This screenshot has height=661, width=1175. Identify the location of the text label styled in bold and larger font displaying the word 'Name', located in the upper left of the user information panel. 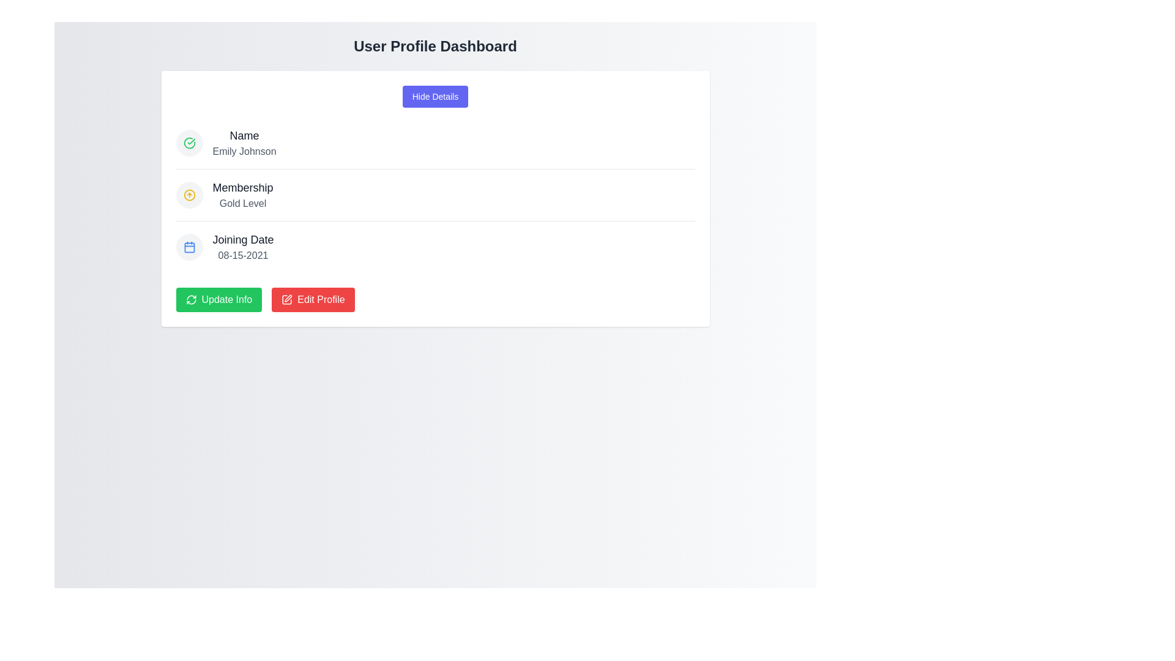
(244, 136).